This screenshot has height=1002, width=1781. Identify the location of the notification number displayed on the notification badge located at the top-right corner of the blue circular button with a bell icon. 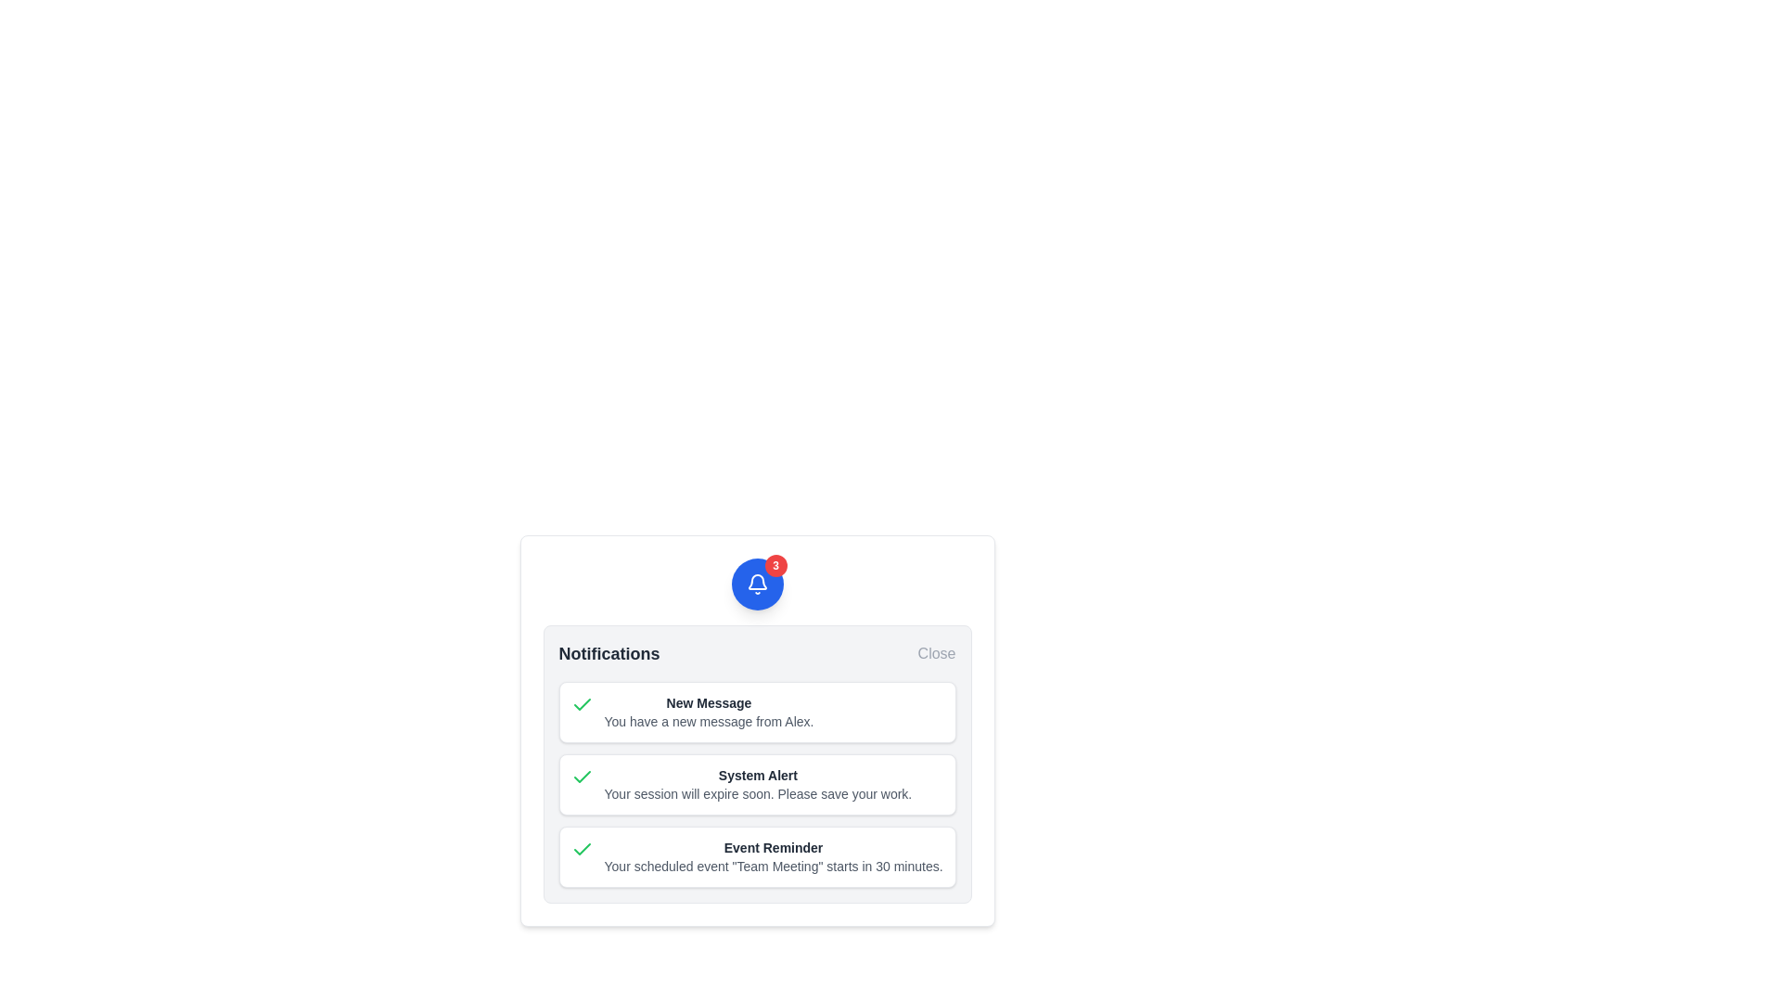
(775, 564).